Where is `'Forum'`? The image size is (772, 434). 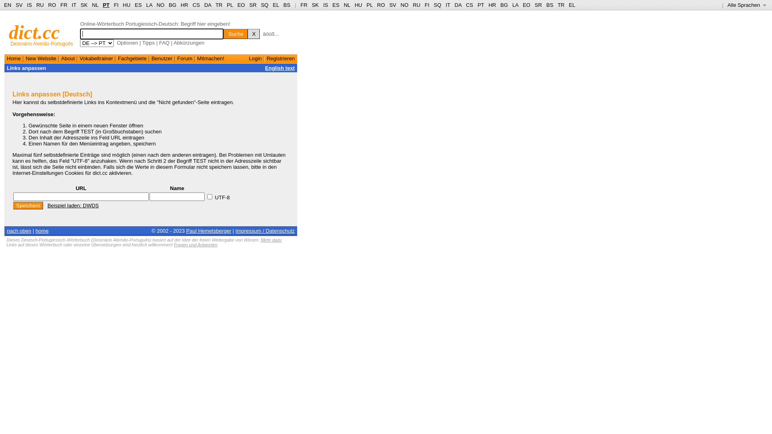
'Forum' is located at coordinates (185, 58).